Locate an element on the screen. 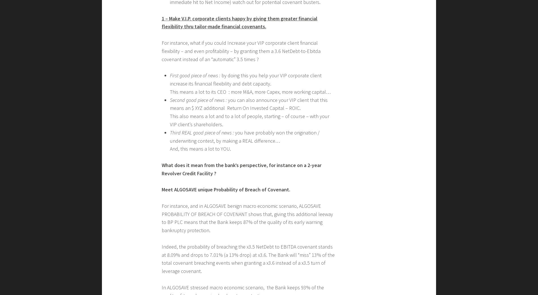 The width and height of the screenshot is (538, 295). '1 – Make V.I.P. corporate clients happy by giving them greater financial flexibility thru tailor-made financial covenants.' is located at coordinates (239, 256).